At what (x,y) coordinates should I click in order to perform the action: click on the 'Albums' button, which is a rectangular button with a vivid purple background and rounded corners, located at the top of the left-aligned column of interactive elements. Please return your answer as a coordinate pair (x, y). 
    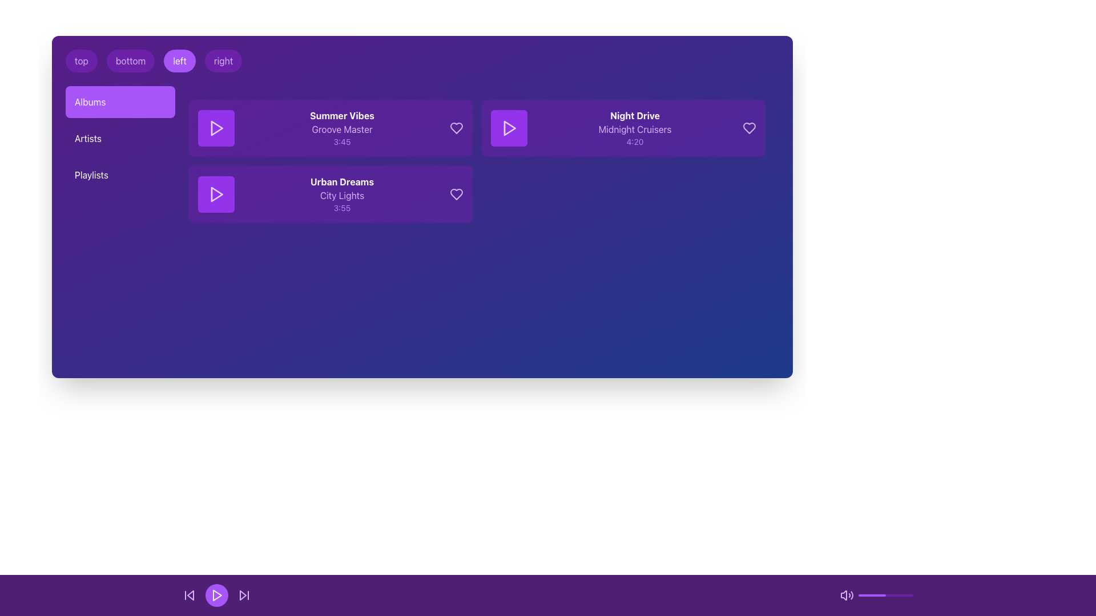
    Looking at the image, I should click on (120, 101).